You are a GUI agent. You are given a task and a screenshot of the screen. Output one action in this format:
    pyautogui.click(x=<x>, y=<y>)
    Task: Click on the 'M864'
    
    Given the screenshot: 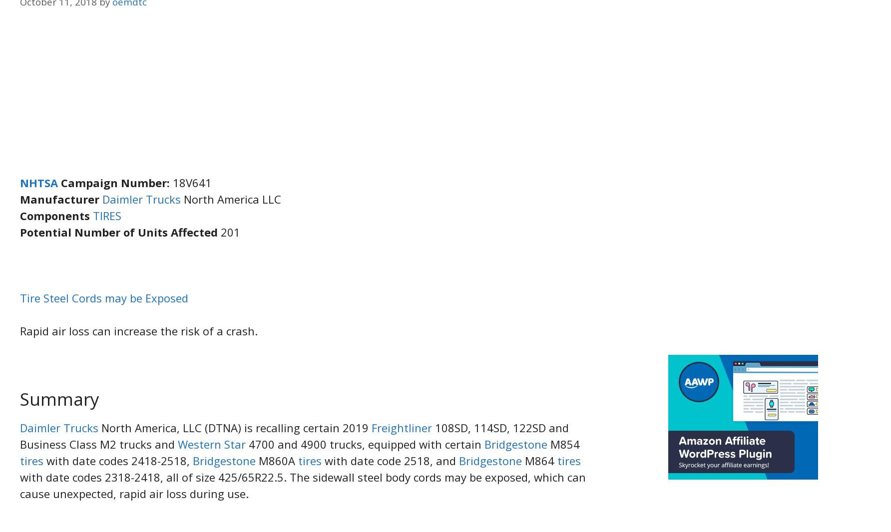 What is the action you would take?
    pyautogui.click(x=539, y=461)
    